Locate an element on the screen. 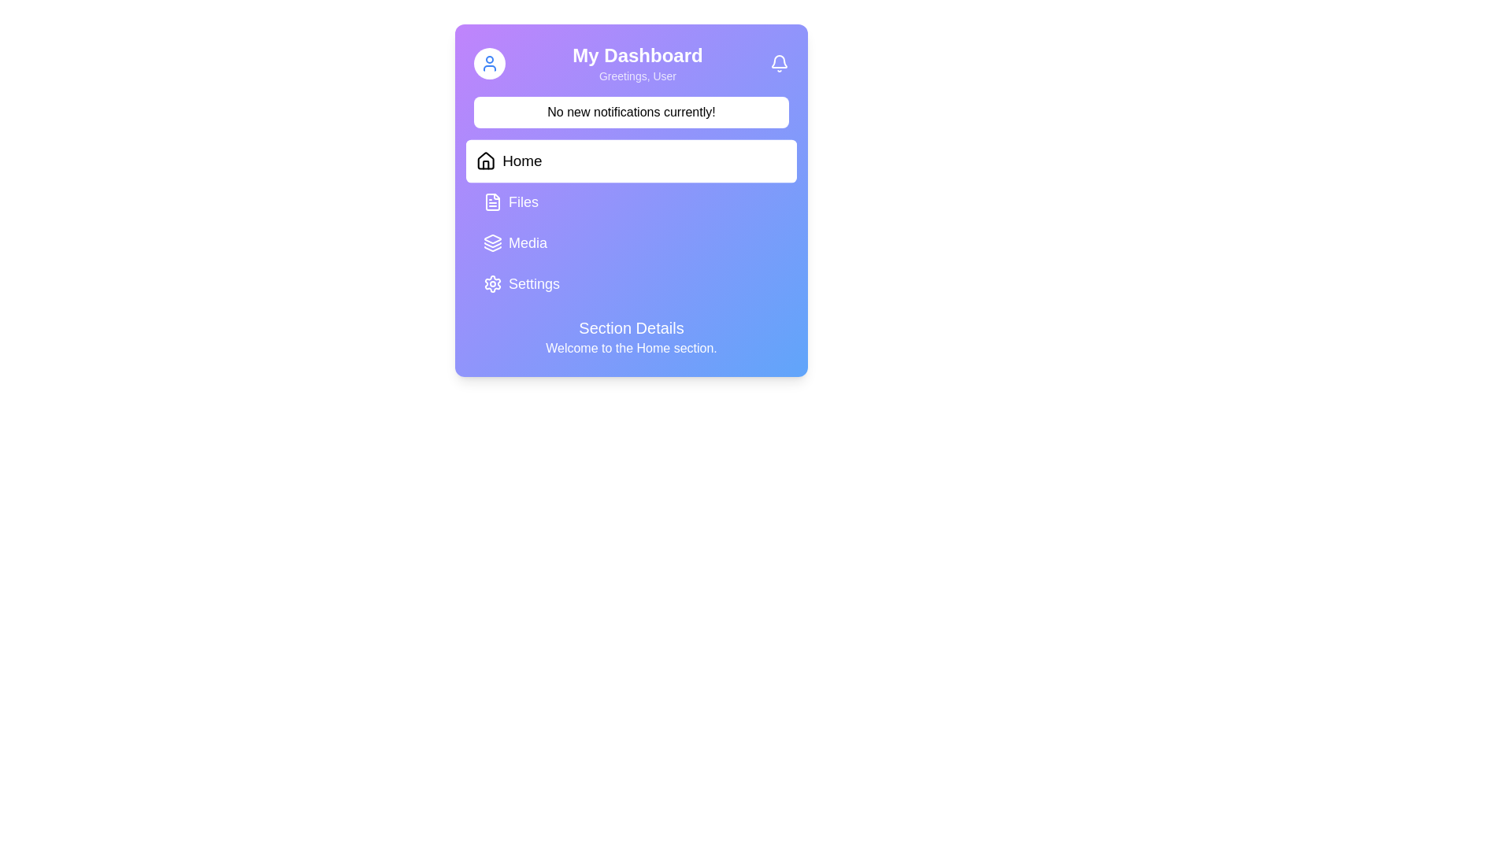 The width and height of the screenshot is (1512, 850). the 'Media' static text label located in the navigation panel on the left side of the card interface, which is the third option in the list is located at coordinates (528, 242).